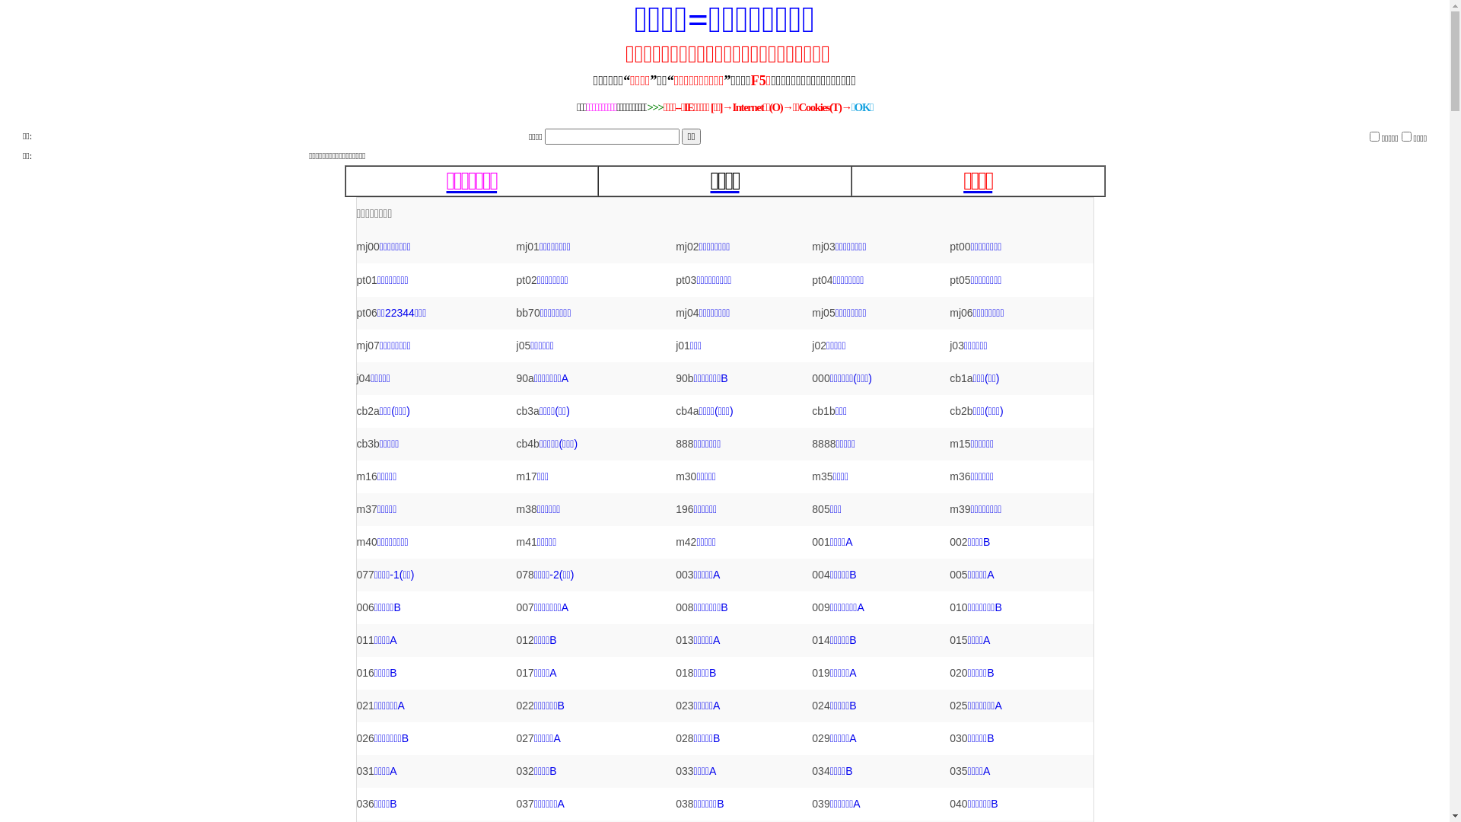 The width and height of the screenshot is (1461, 822). What do you see at coordinates (822, 312) in the screenshot?
I see `'mj05'` at bounding box center [822, 312].